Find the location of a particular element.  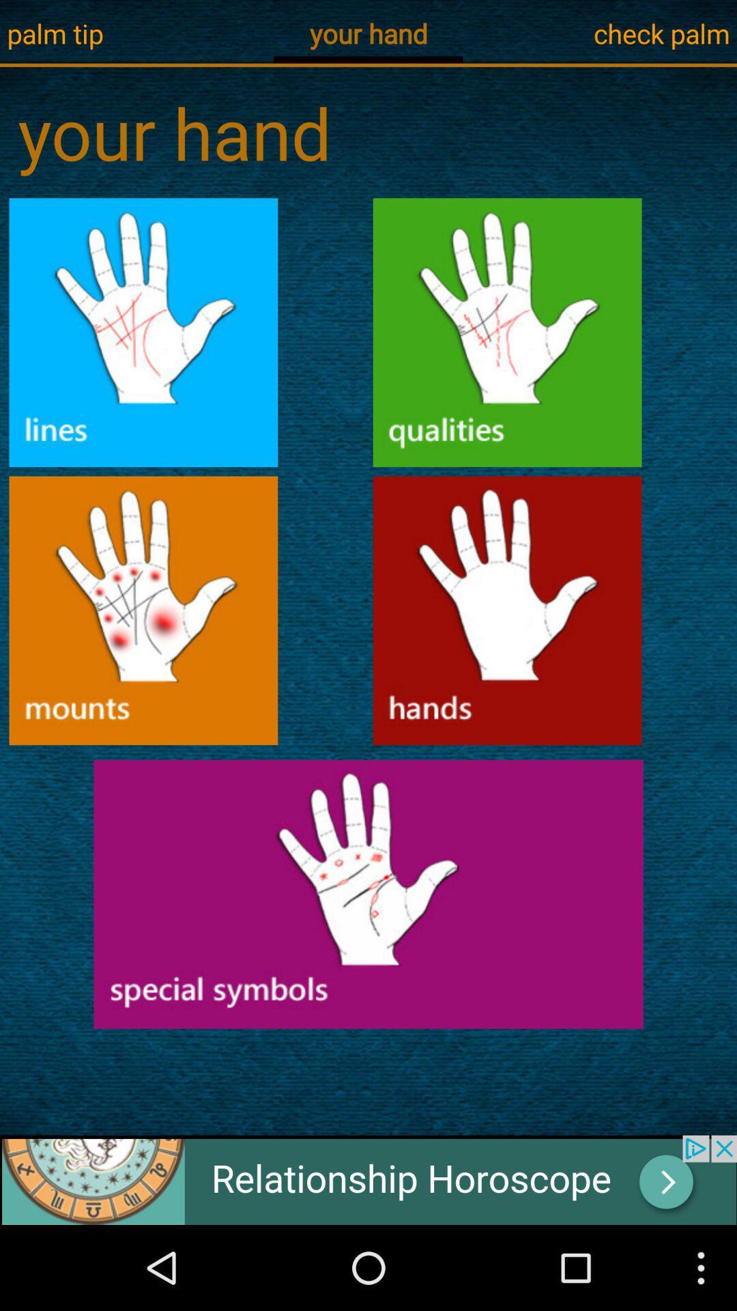

click the hand special symbols is located at coordinates (369, 894).